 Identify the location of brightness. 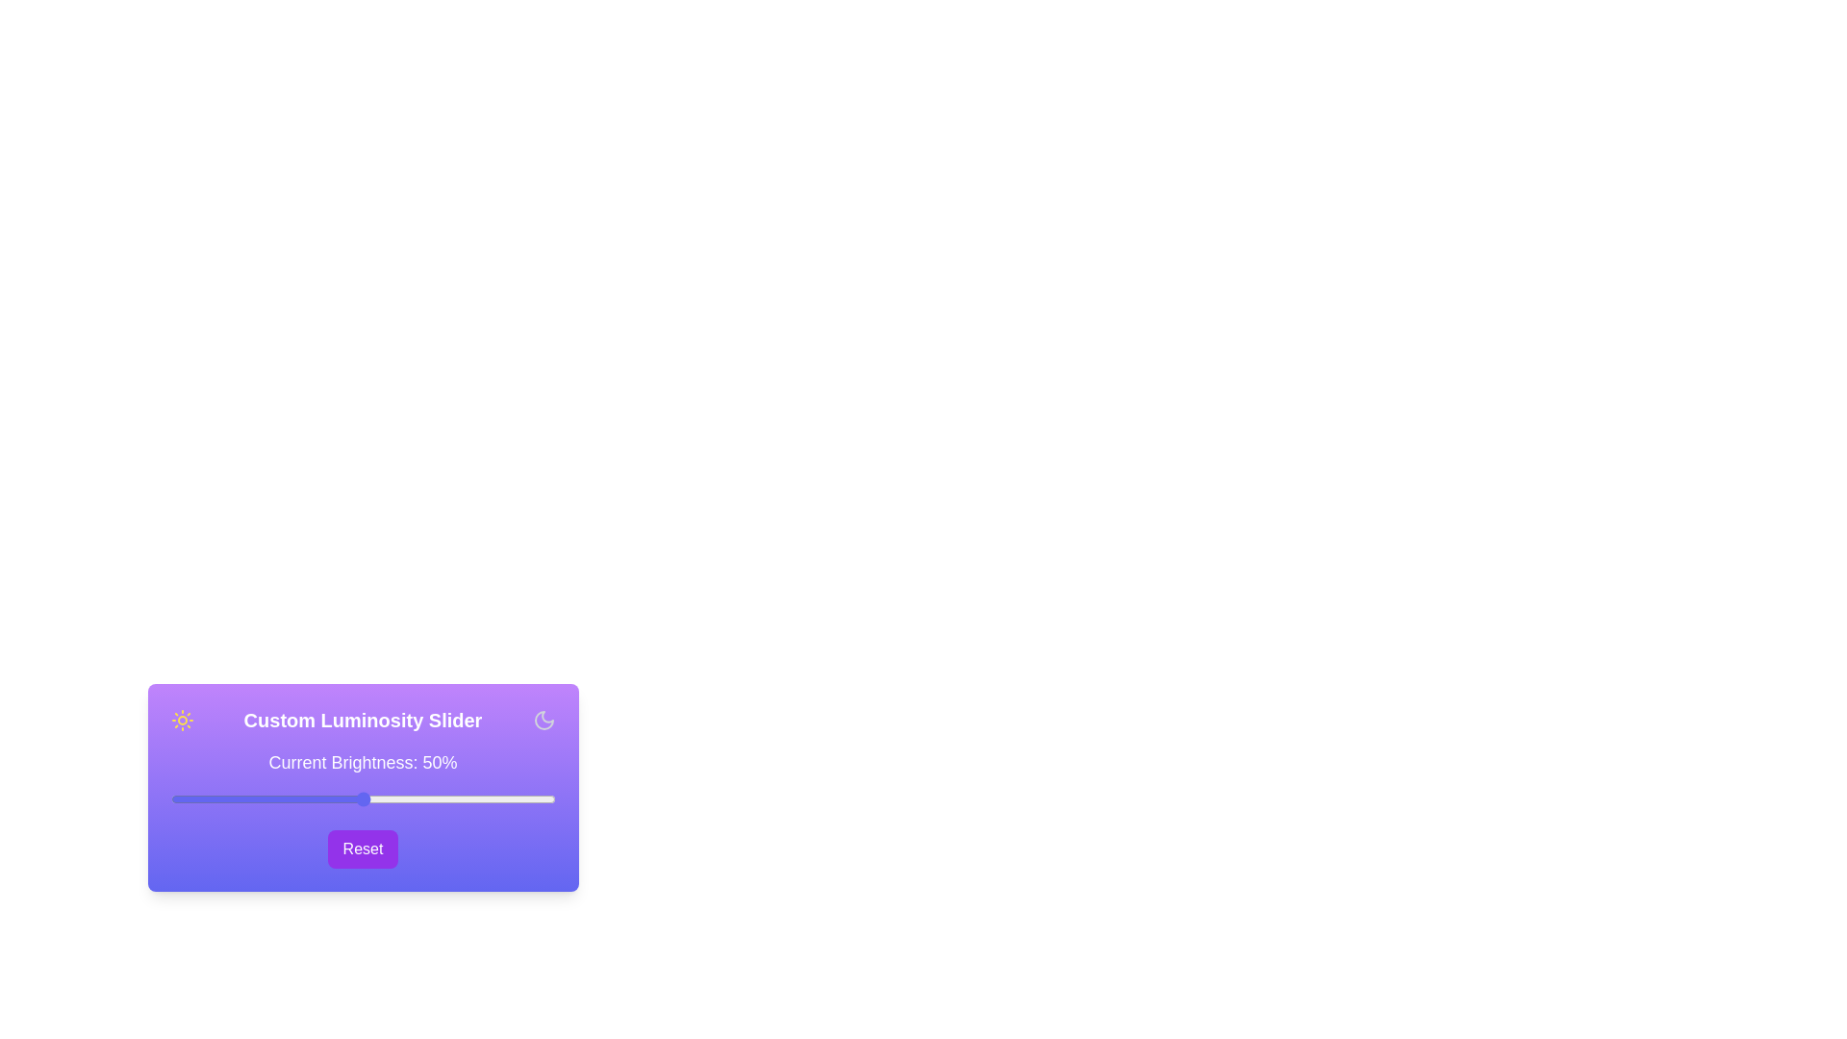
(458, 798).